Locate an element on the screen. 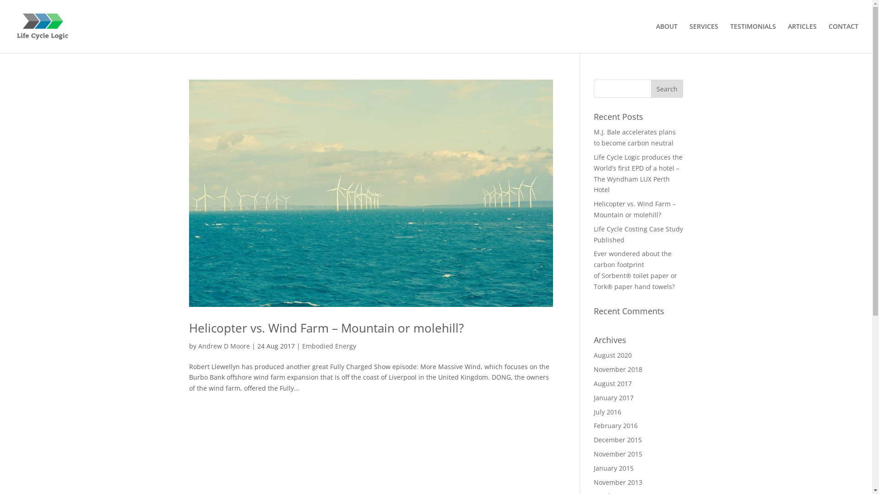  'TESTIMONIALS' is located at coordinates (753, 38).